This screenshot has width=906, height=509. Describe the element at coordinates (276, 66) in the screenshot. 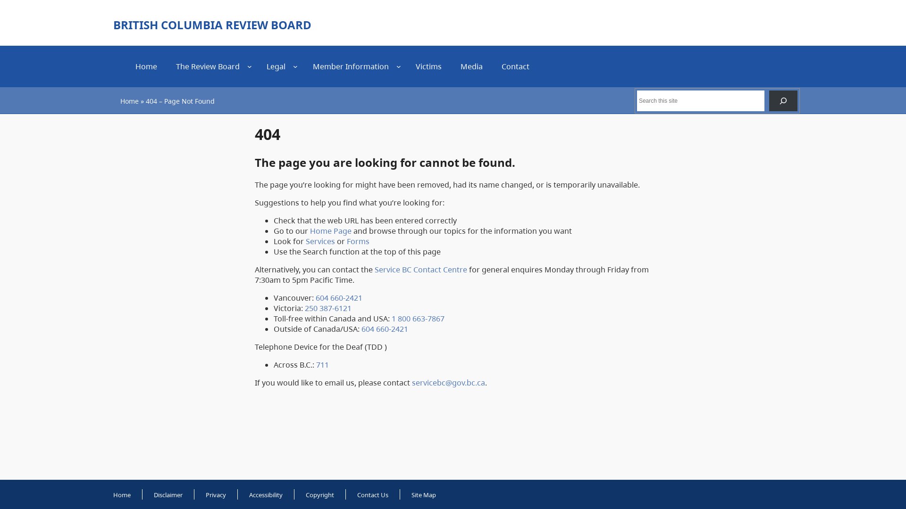

I see `'Legal'` at that location.